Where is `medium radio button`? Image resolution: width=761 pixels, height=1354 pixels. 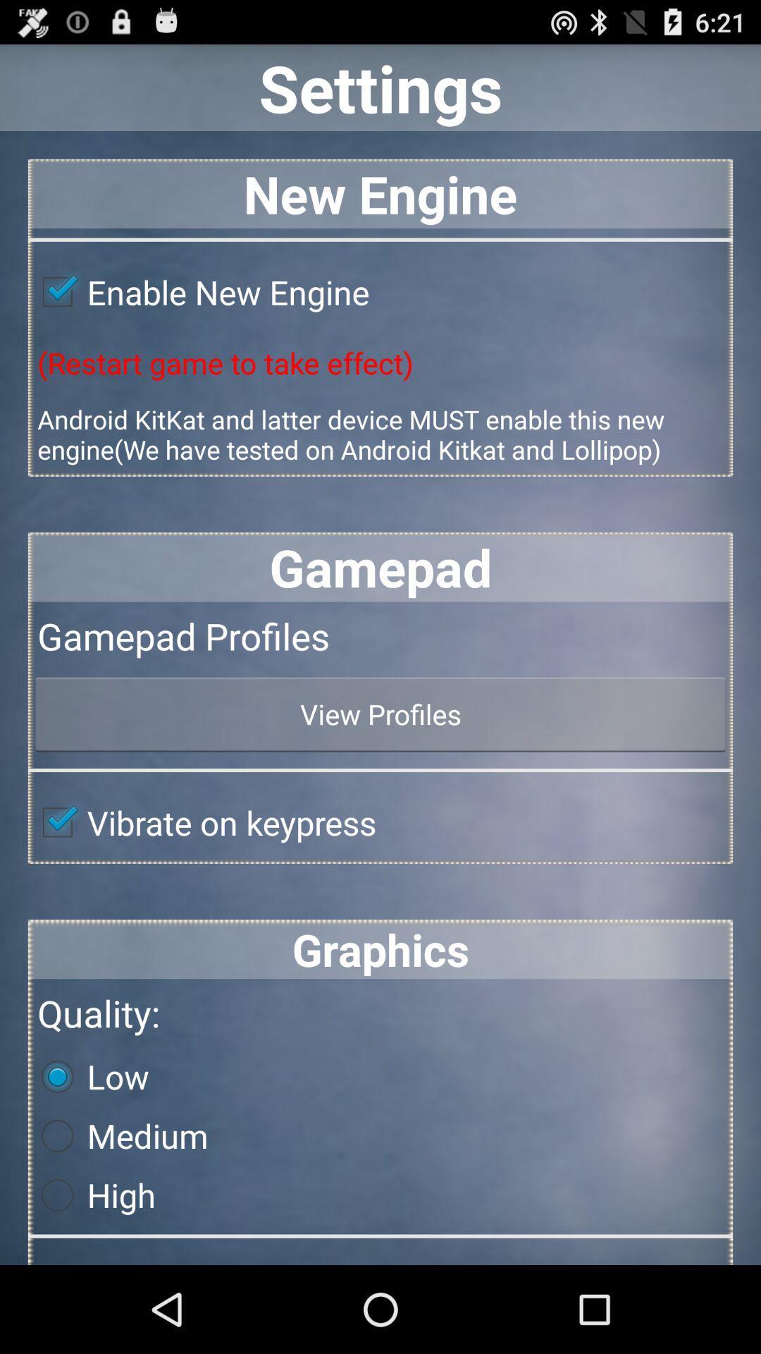
medium radio button is located at coordinates (118, 1136).